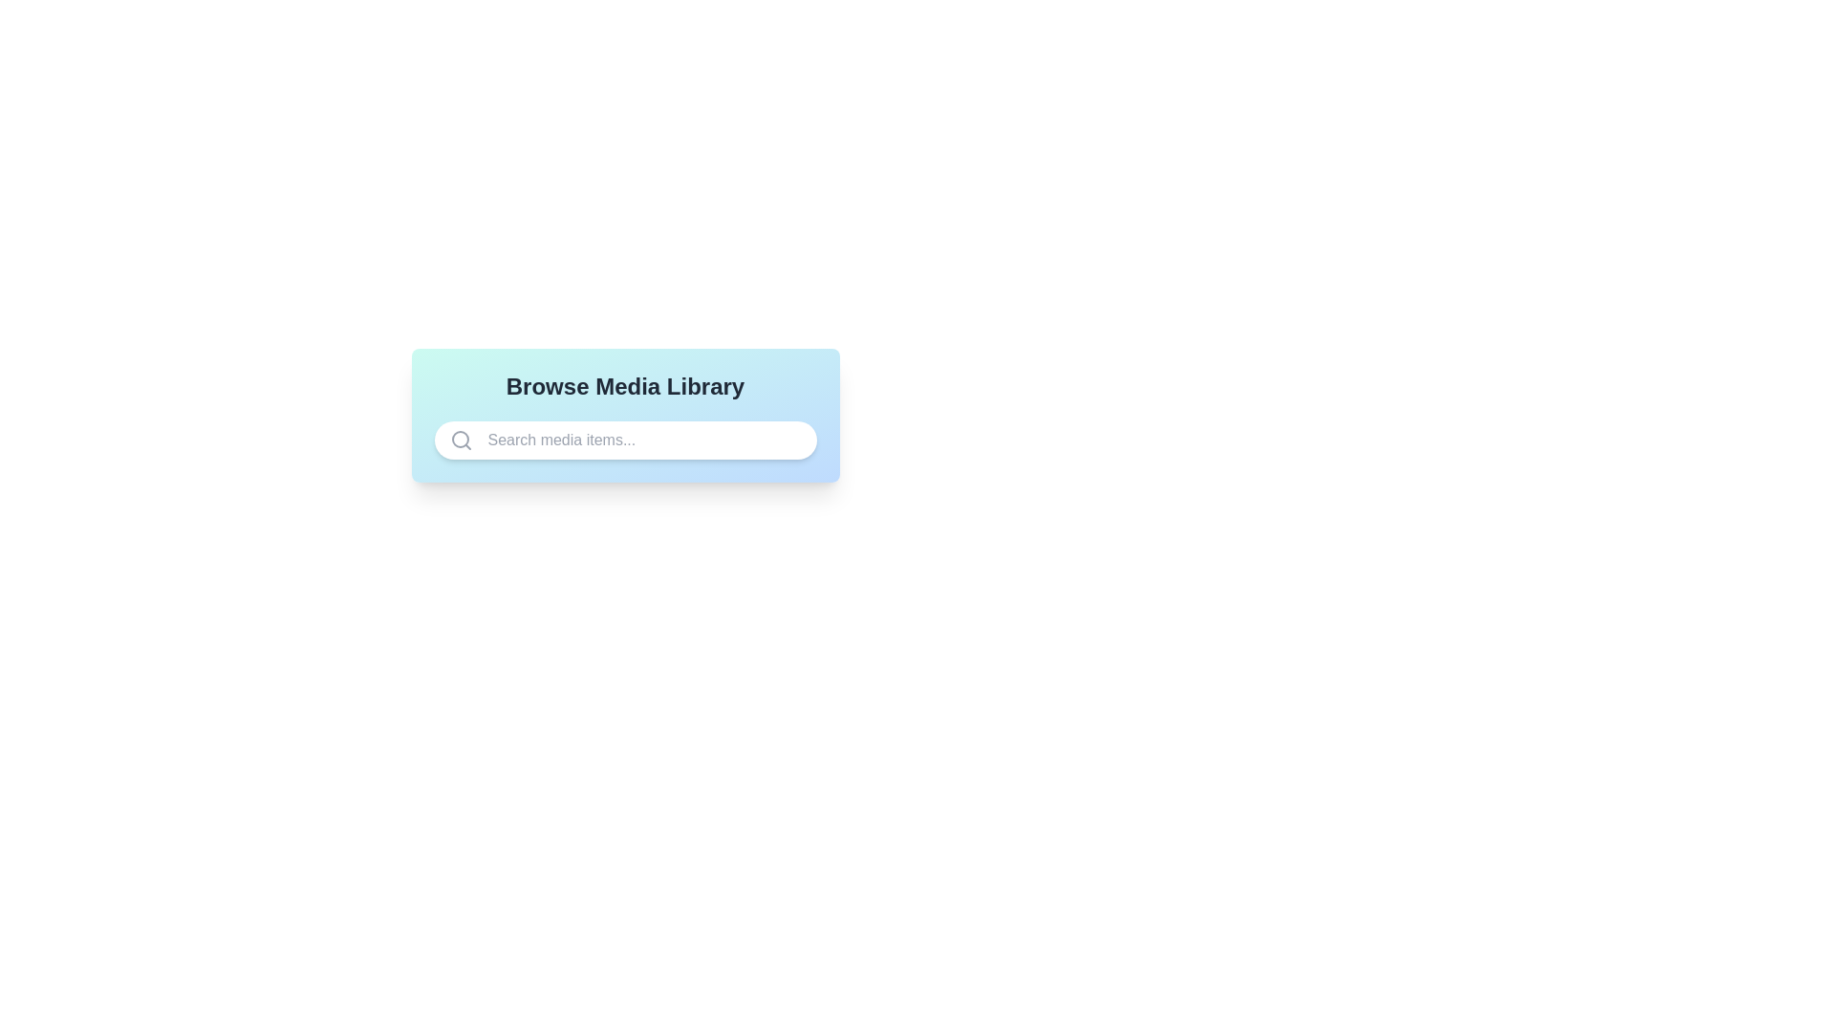  What do you see at coordinates (460, 439) in the screenshot?
I see `the central circle of the magnifying glass icon, which represents the lens of the search icon, located to the left of the search input field` at bounding box center [460, 439].